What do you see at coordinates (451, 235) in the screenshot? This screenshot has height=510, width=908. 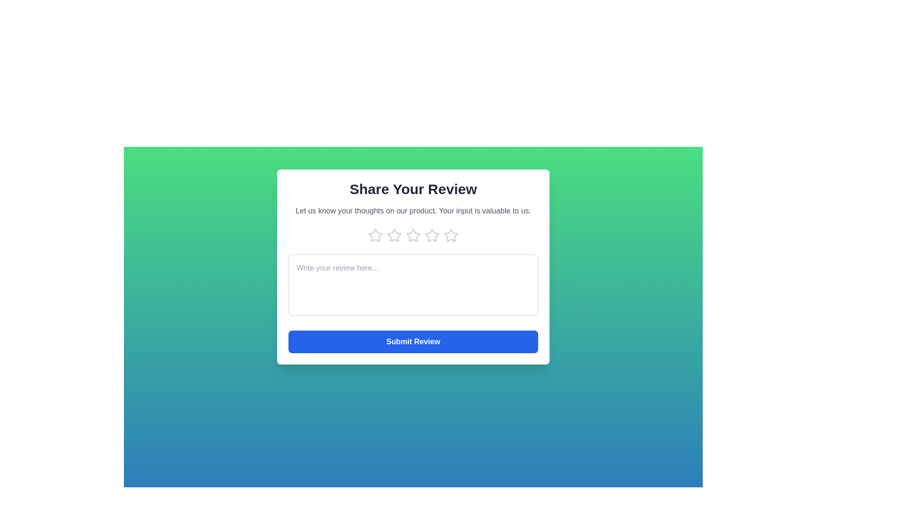 I see `the product rating to 5 stars by clicking on the respective star` at bounding box center [451, 235].